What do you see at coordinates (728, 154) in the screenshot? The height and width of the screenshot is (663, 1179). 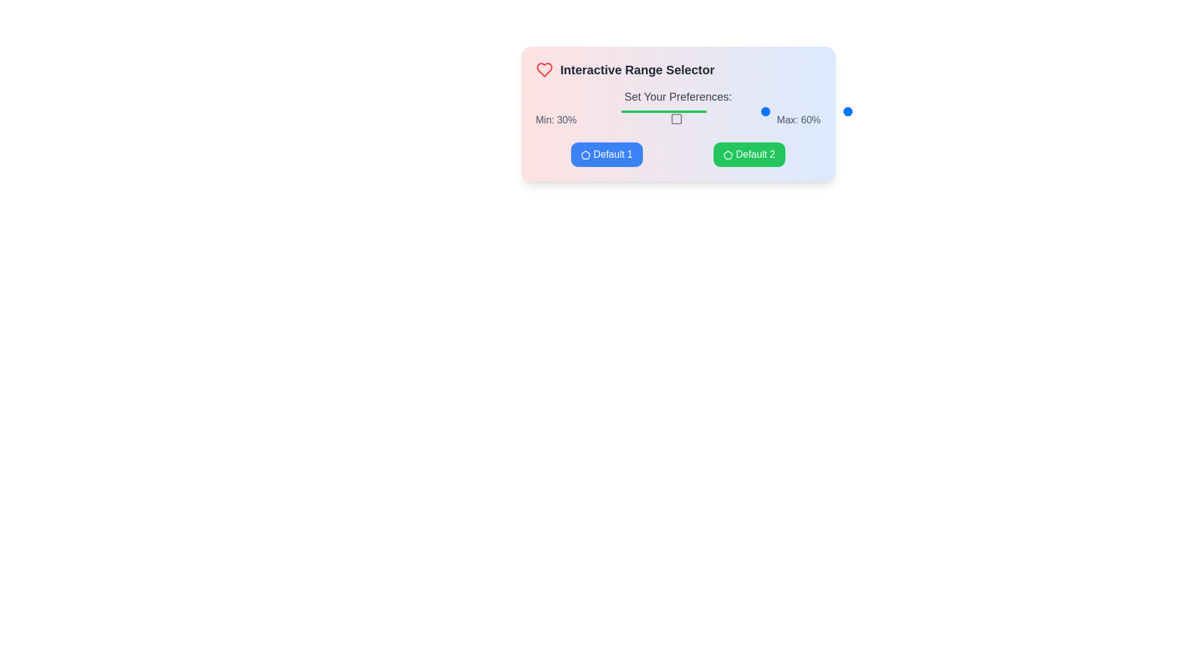 I see `the decorative icon positioned to the right of the green button labeled 'Default 2'` at bounding box center [728, 154].